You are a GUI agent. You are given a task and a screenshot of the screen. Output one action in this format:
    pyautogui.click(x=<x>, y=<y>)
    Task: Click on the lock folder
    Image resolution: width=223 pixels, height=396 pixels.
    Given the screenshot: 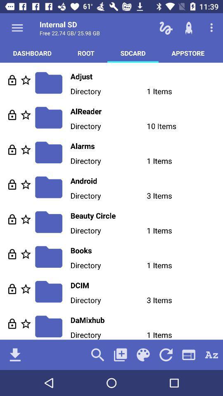 What is the action you would take?
    pyautogui.click(x=12, y=219)
    